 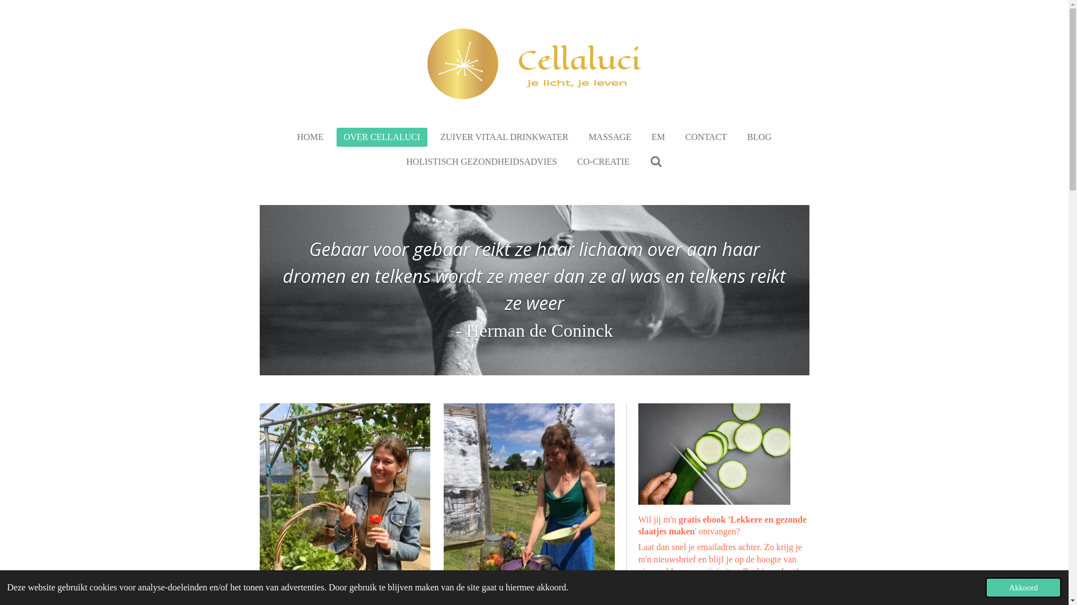 What do you see at coordinates (609, 137) in the screenshot?
I see `'MASSAGE'` at bounding box center [609, 137].